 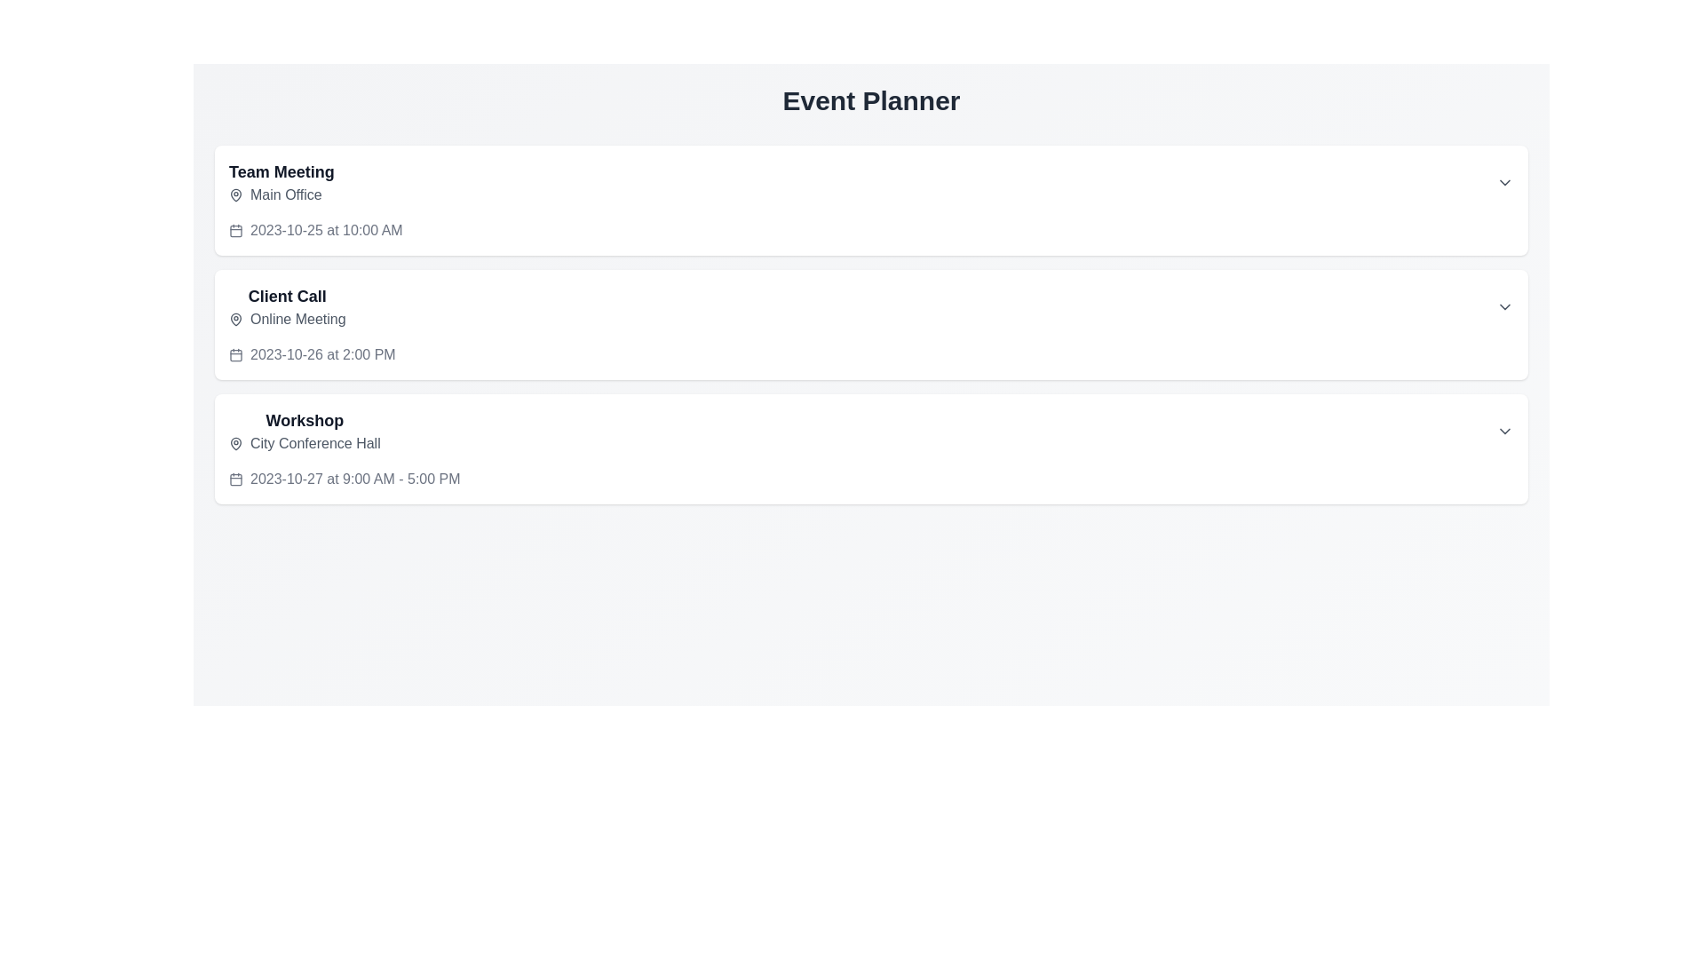 What do you see at coordinates (1503, 432) in the screenshot?
I see `the Dropdown toggle icon associated with the 'Workshop City Conference Hall' to enable keyboard interaction` at bounding box center [1503, 432].